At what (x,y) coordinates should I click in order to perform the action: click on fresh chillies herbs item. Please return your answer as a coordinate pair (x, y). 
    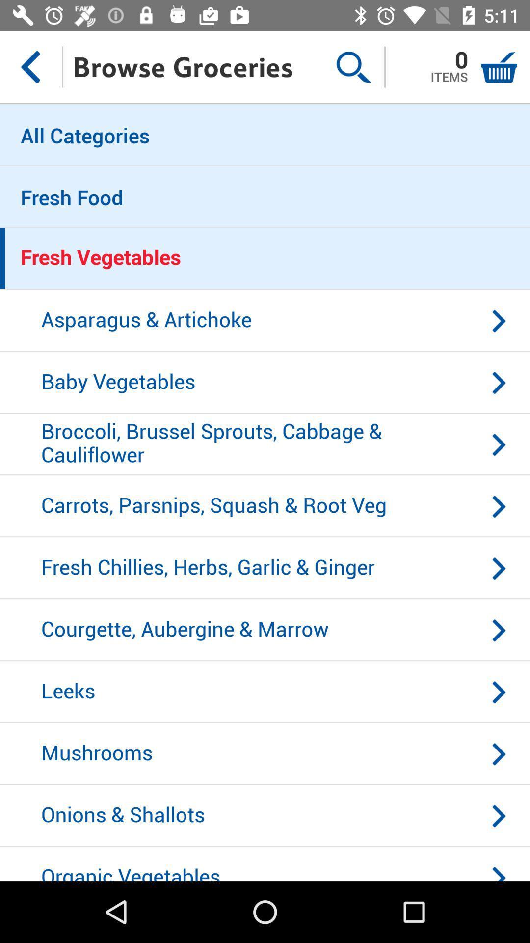
    Looking at the image, I should click on (265, 568).